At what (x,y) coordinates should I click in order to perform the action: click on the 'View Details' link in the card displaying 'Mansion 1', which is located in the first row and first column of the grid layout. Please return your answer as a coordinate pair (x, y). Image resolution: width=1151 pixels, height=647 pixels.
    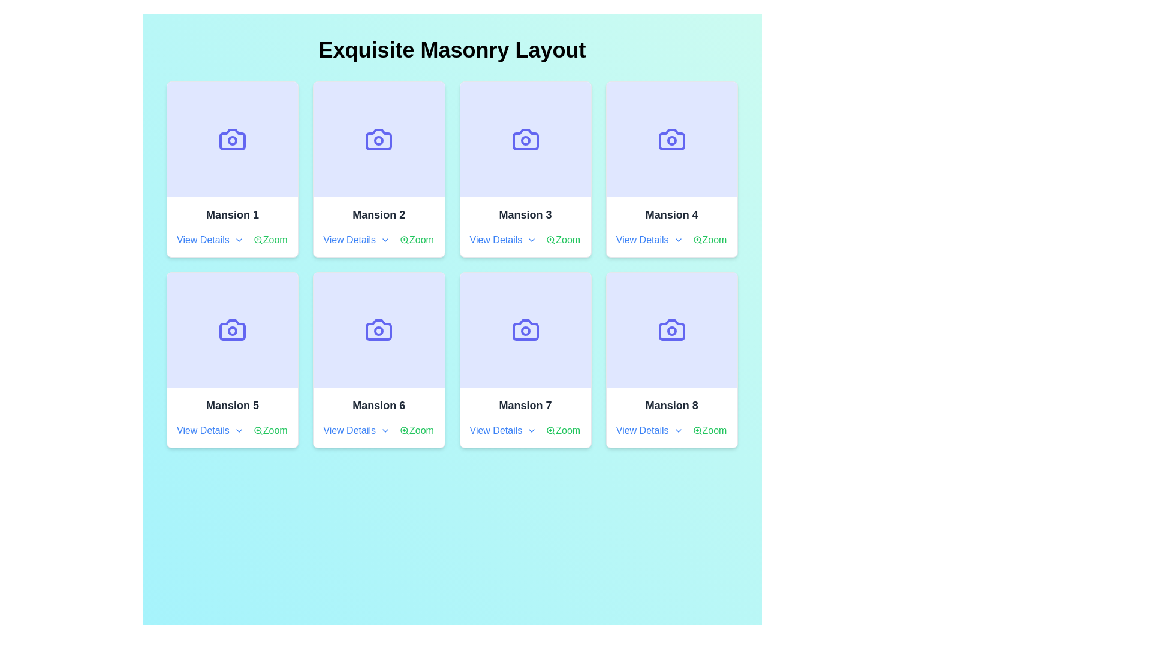
    Looking at the image, I should click on (233, 226).